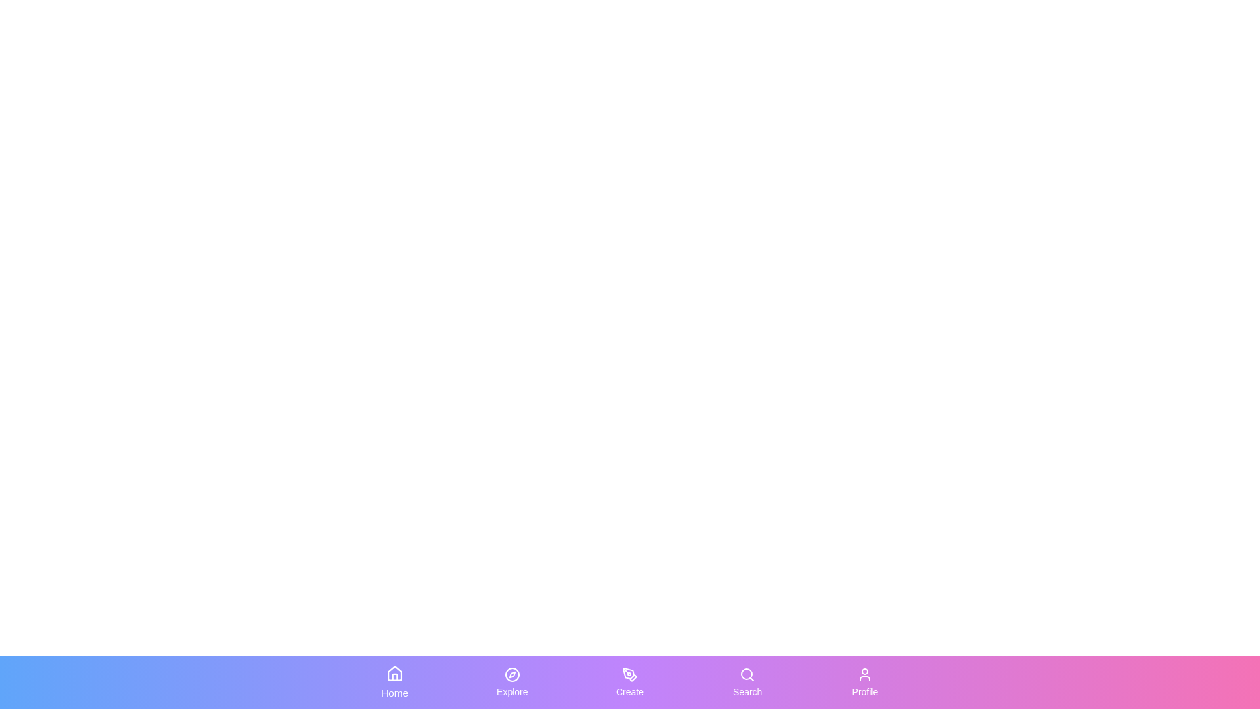 Image resolution: width=1260 pixels, height=709 pixels. What do you see at coordinates (394, 682) in the screenshot?
I see `the Home tab to switch to the corresponding section` at bounding box center [394, 682].